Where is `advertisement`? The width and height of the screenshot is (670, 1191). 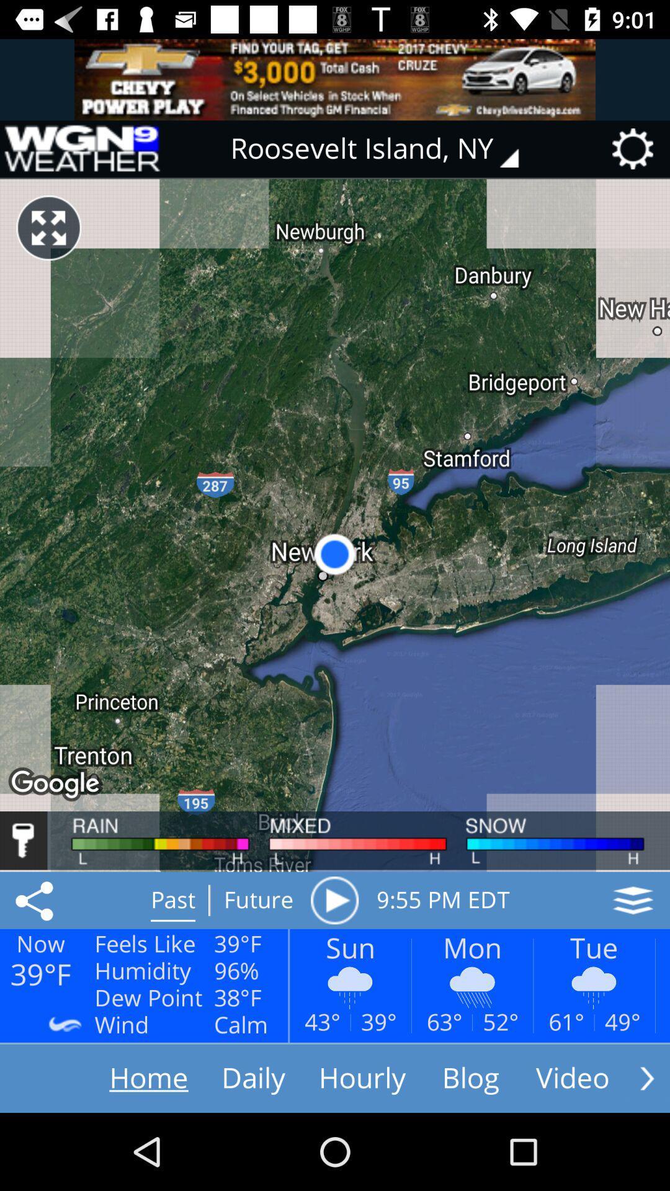 advertisement is located at coordinates (335, 79).